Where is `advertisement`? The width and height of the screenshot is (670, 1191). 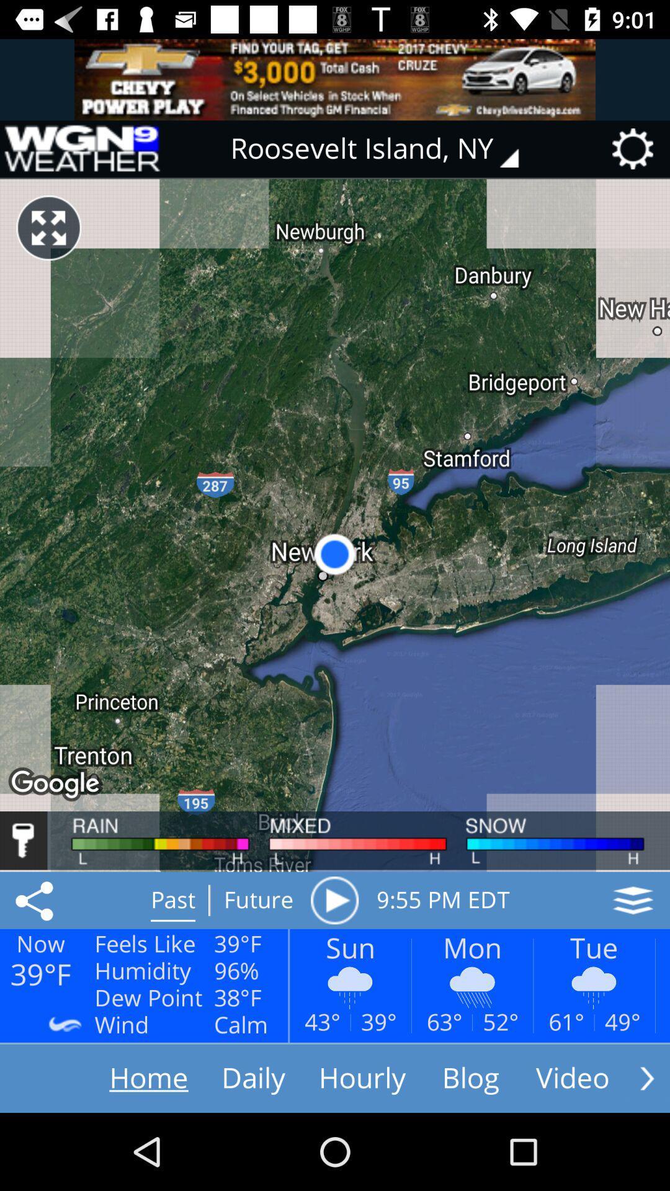 advertisement is located at coordinates (335, 79).